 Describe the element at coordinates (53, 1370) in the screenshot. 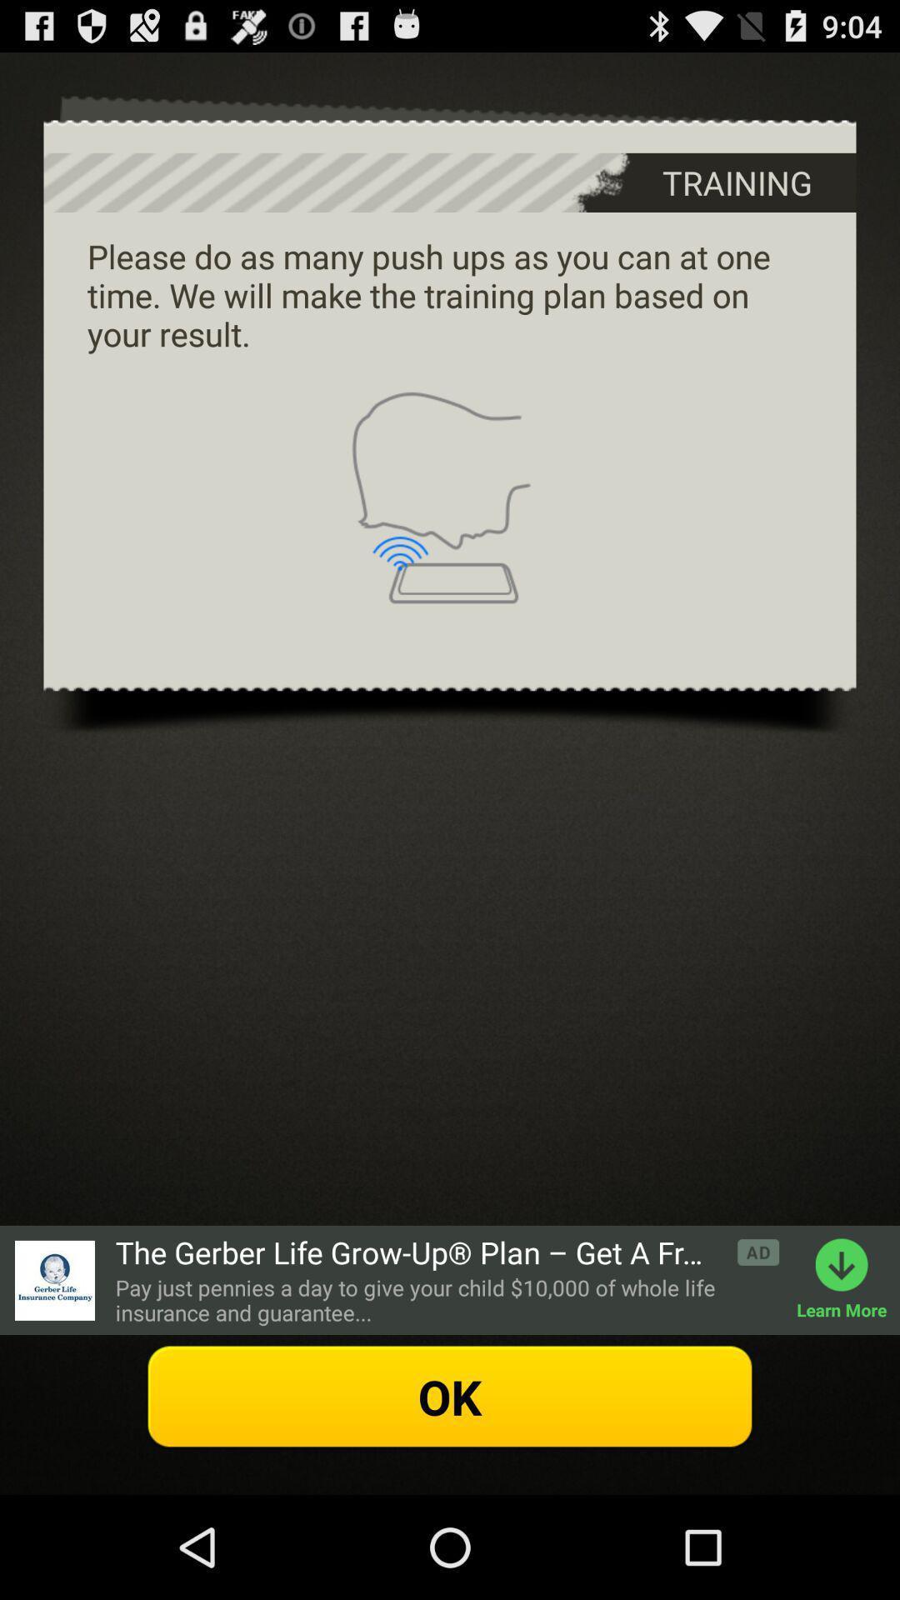

I see `the location icon` at that location.